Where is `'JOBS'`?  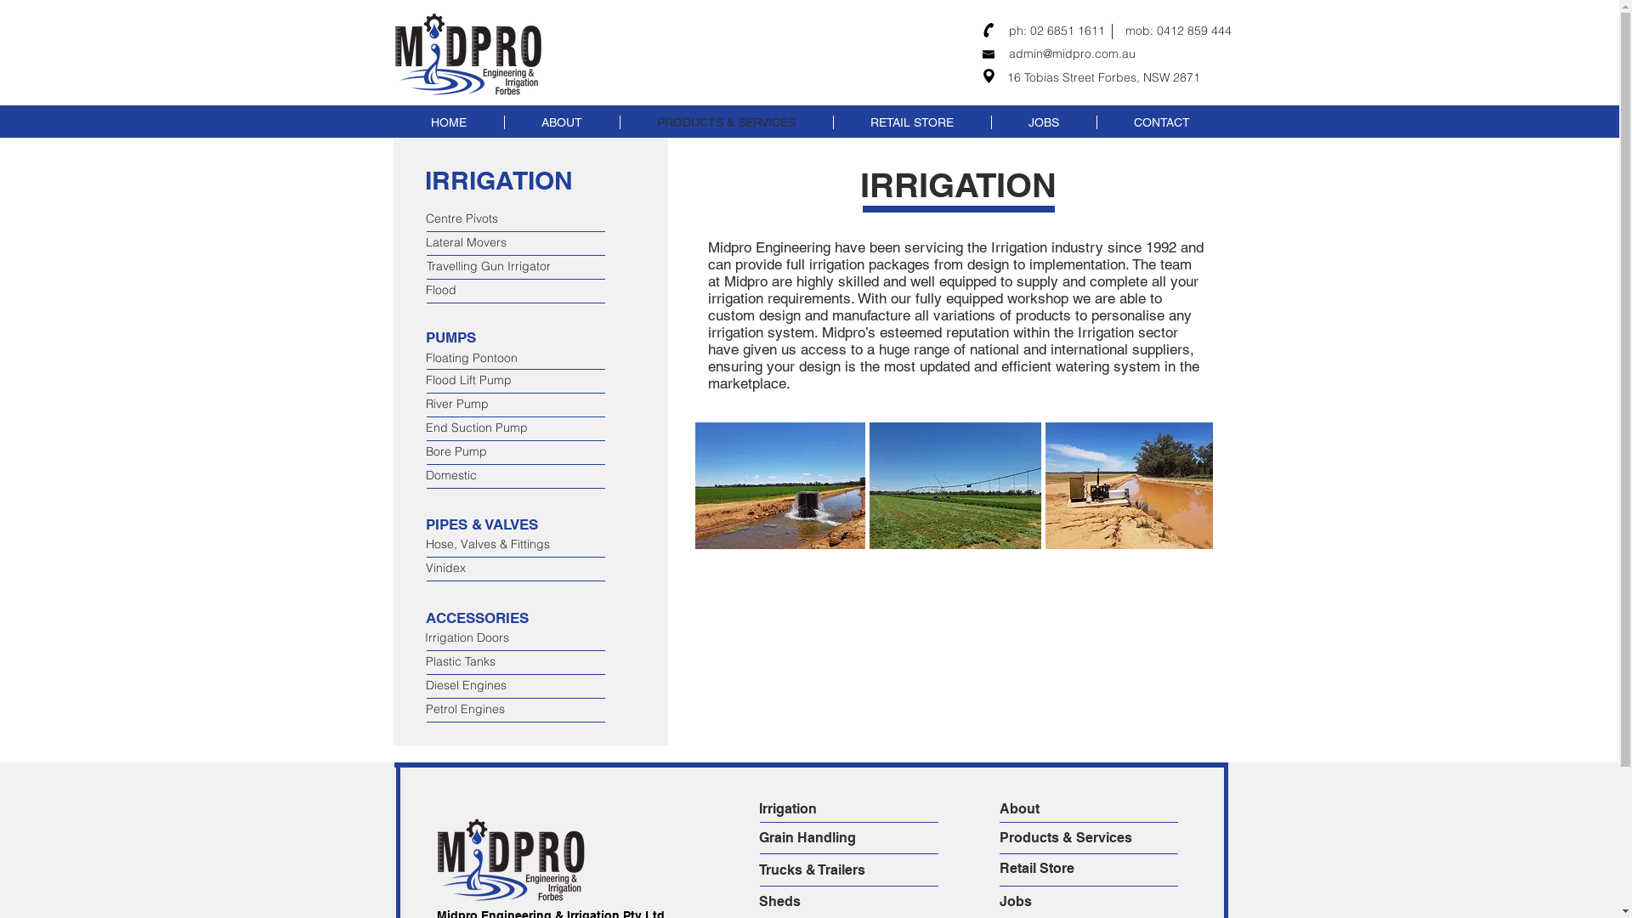 'JOBS' is located at coordinates (991, 121).